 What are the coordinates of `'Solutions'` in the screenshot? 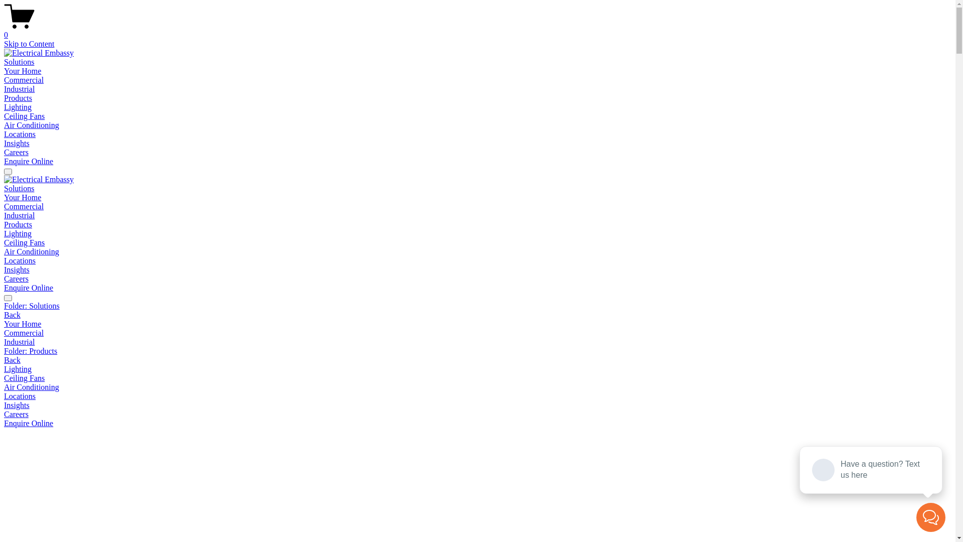 It's located at (19, 188).